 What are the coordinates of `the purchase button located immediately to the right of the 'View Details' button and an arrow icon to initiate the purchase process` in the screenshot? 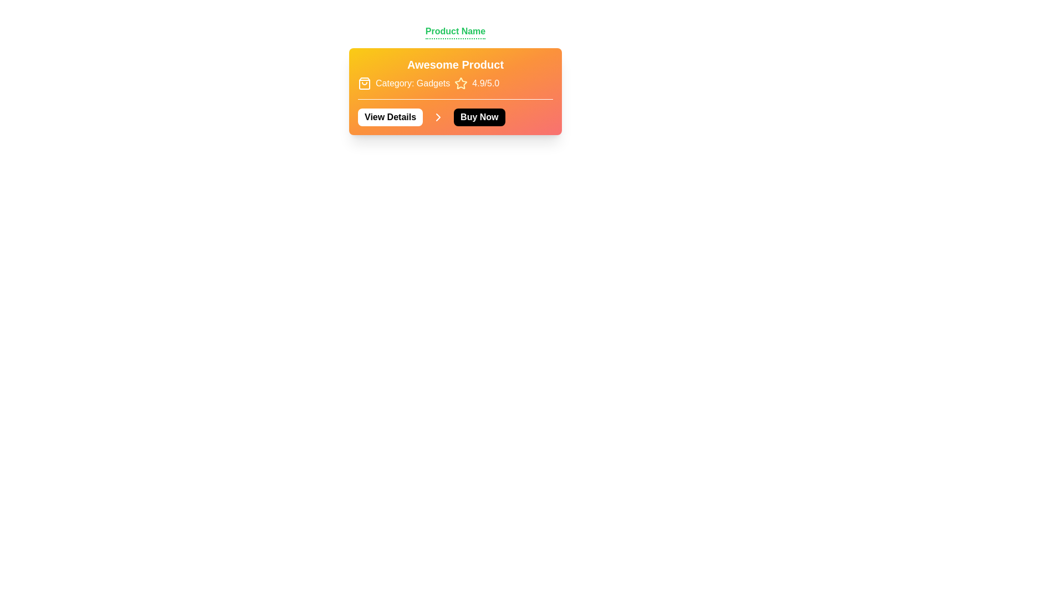 It's located at (479, 117).